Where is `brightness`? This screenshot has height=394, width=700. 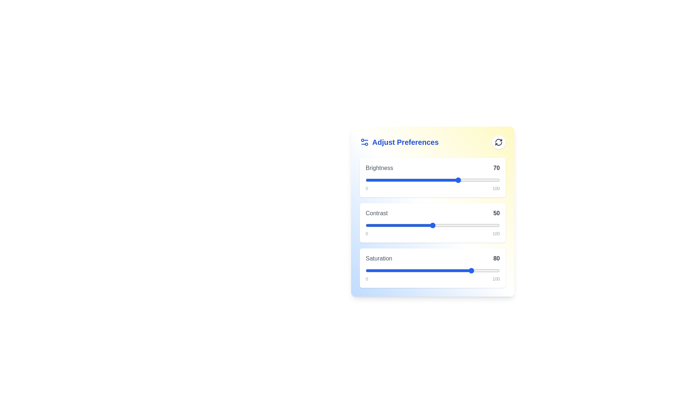
brightness is located at coordinates (494, 180).